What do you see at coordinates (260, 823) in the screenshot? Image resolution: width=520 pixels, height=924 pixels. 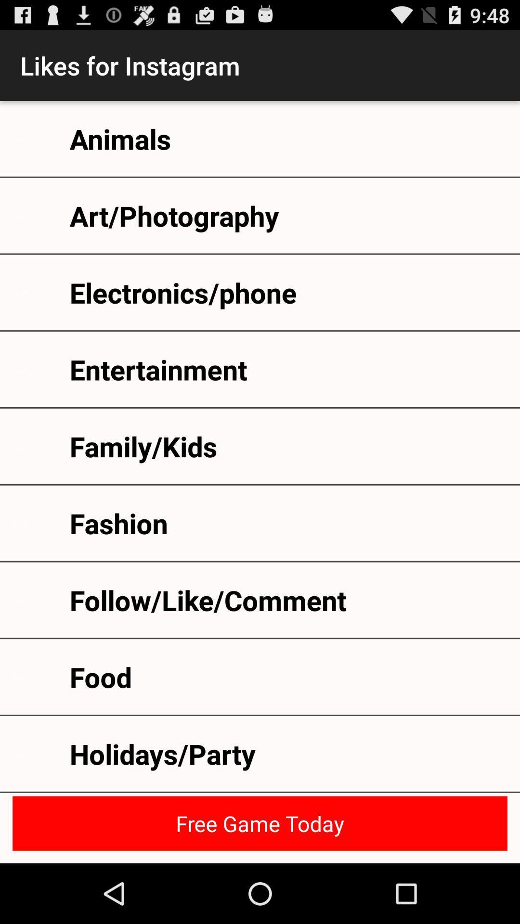 I see `the icon below the holidays/party icon` at bounding box center [260, 823].